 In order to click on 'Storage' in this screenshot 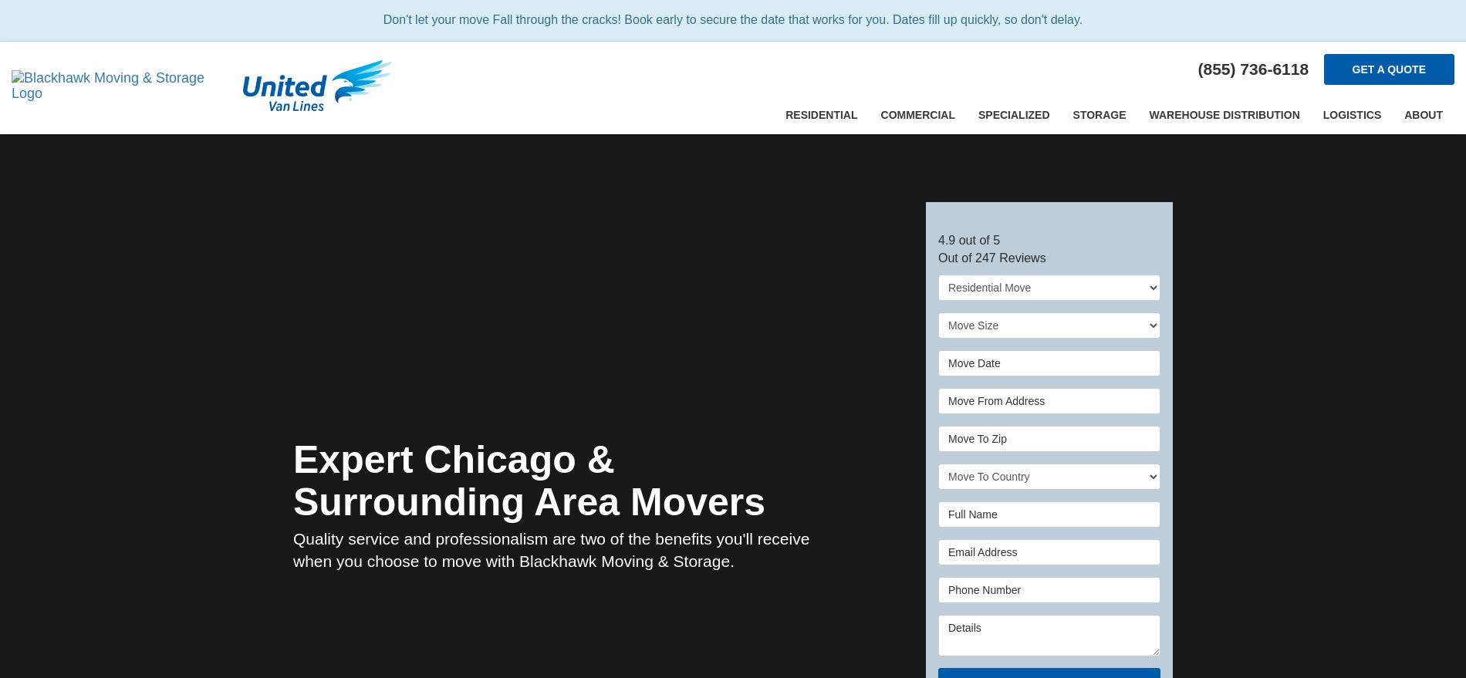, I will do `click(1098, 114)`.